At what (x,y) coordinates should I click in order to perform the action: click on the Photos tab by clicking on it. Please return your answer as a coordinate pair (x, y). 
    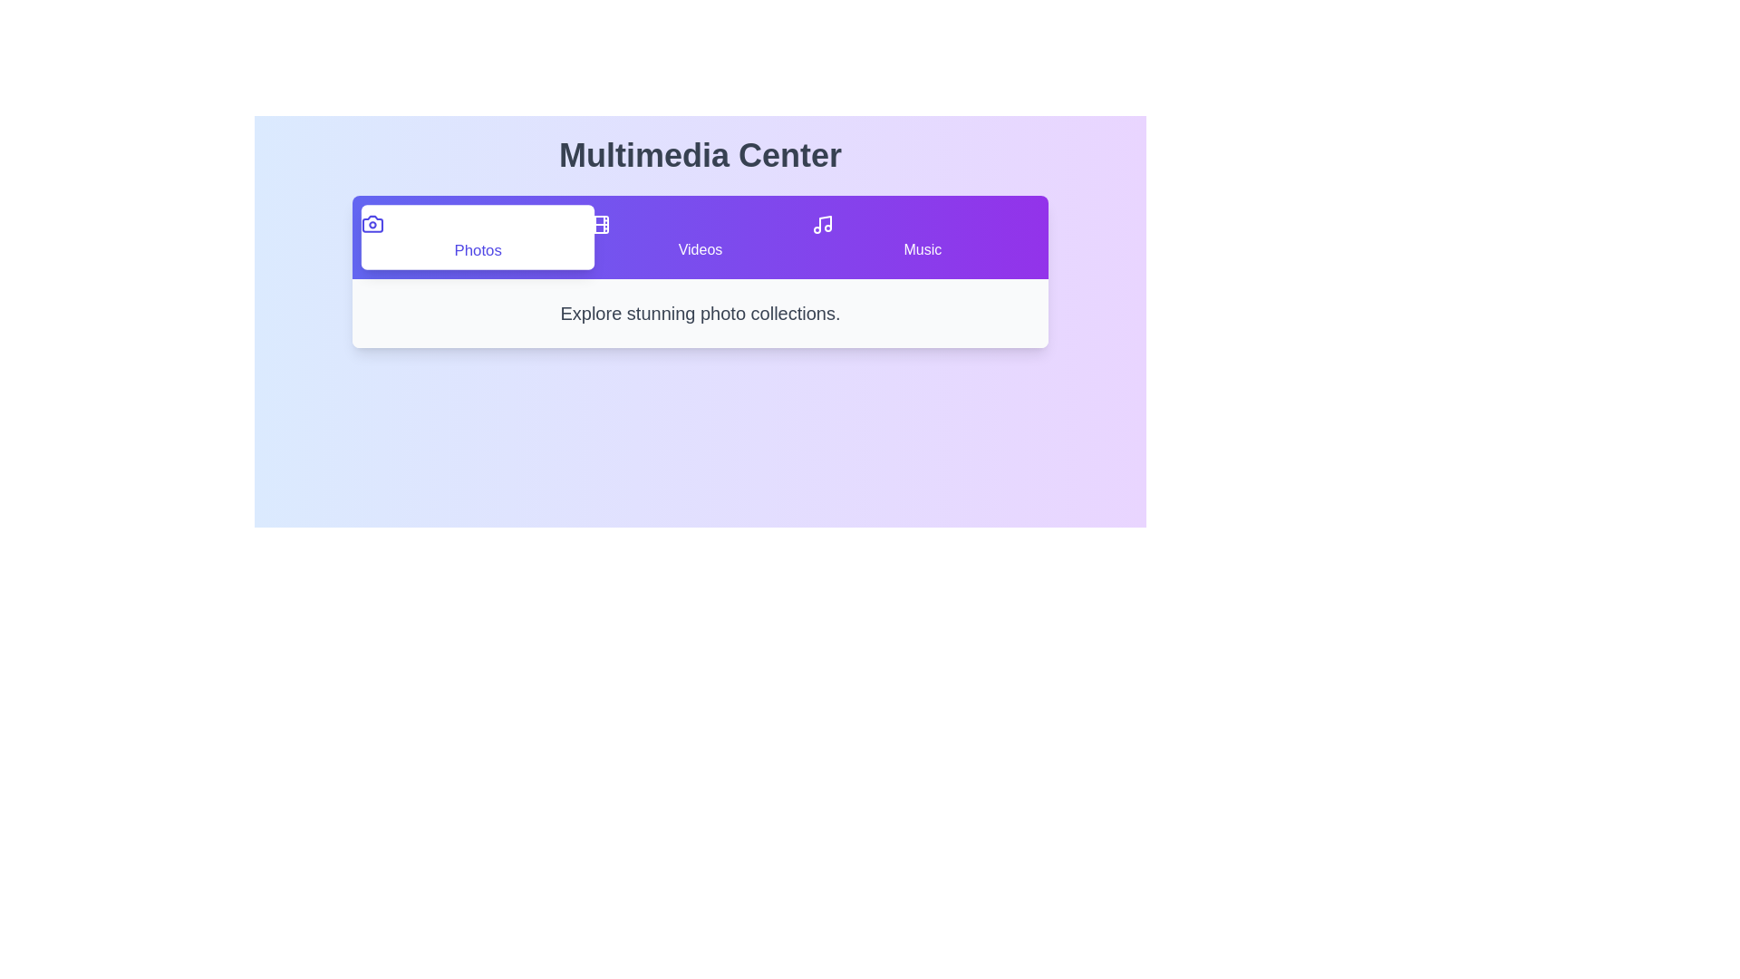
    Looking at the image, I should click on (478, 237).